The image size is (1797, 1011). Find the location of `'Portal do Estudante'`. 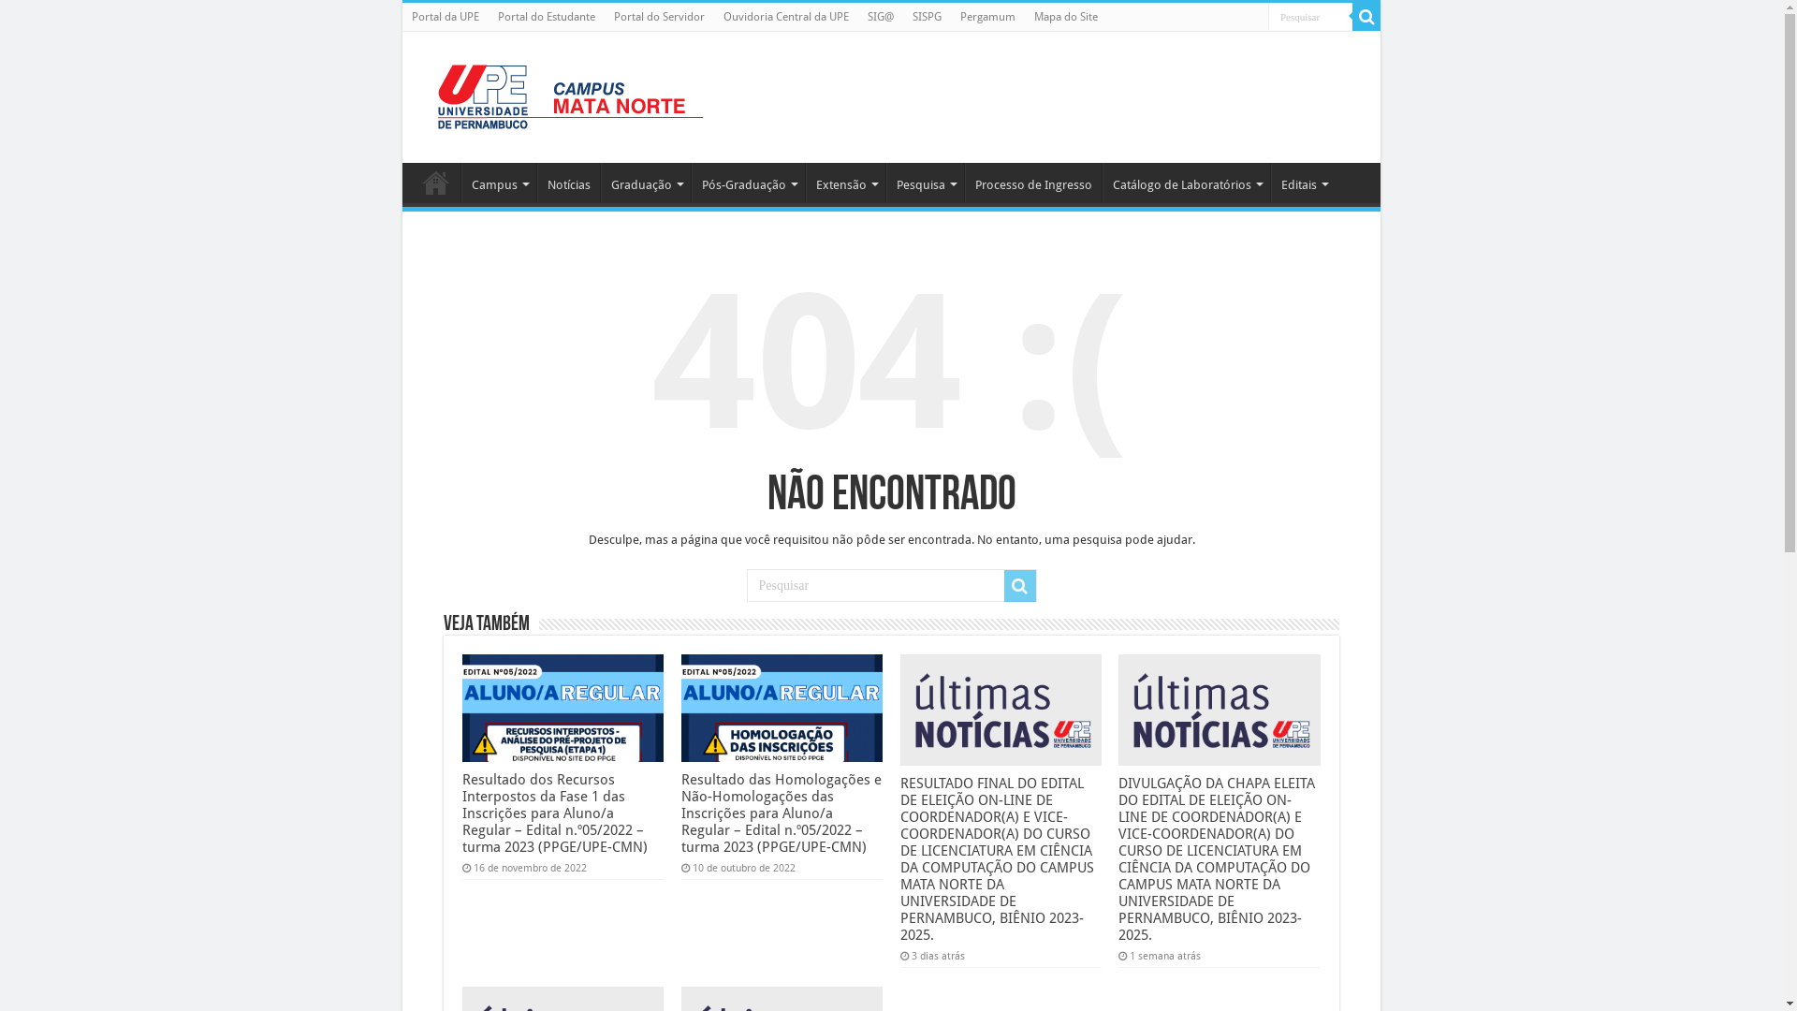

'Portal do Estudante' is located at coordinates (546, 17).